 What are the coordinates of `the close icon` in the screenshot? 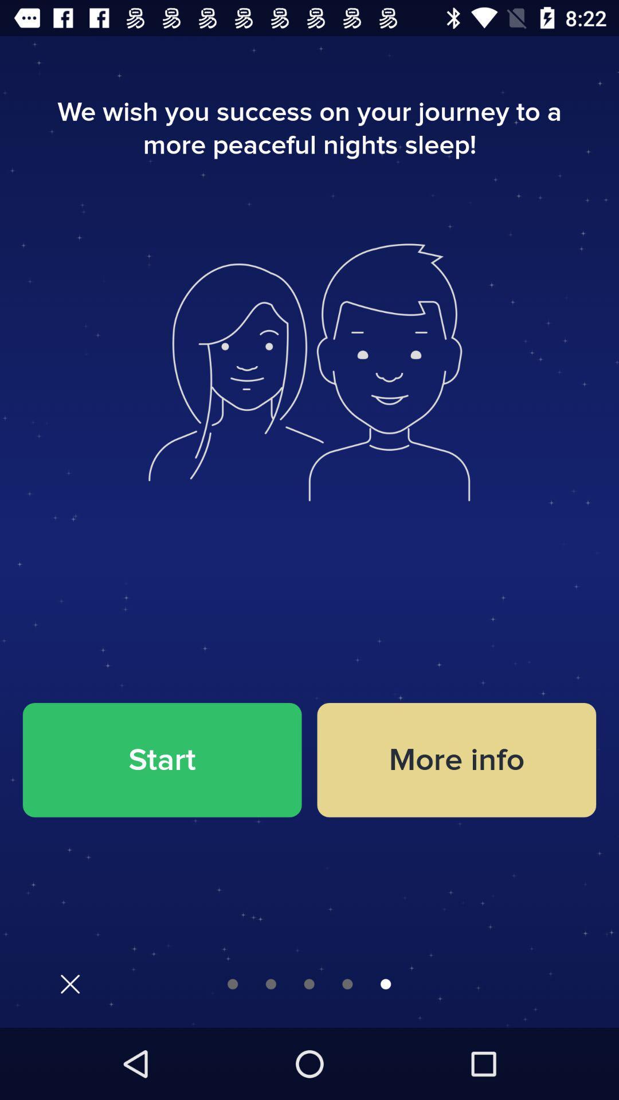 It's located at (70, 983).